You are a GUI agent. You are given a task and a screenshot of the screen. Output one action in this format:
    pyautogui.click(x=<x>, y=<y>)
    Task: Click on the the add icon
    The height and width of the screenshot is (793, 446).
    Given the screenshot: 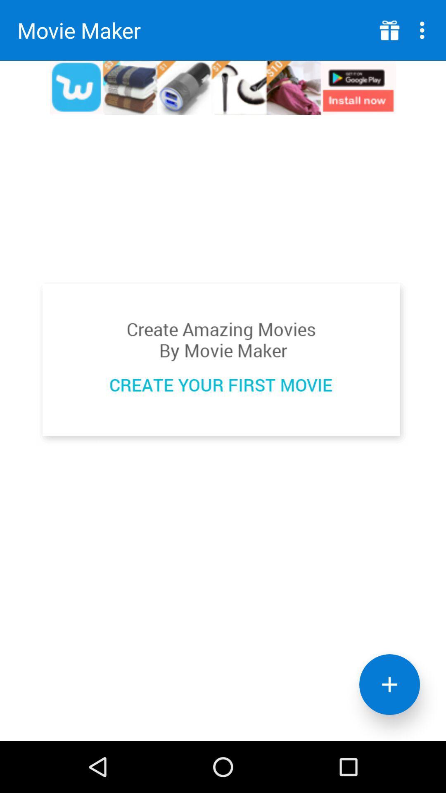 What is the action you would take?
    pyautogui.click(x=389, y=684)
    